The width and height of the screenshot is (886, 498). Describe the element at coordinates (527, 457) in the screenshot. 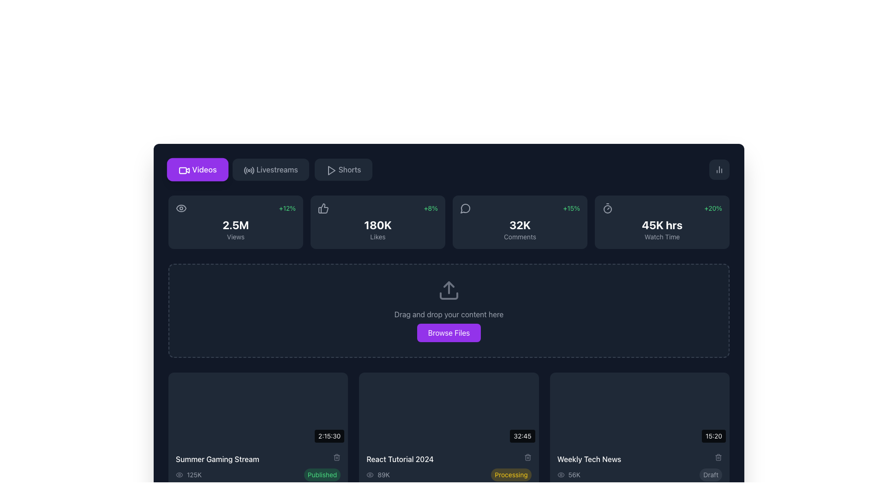

I see `the delete action button located at the top-right corner of the card displaying 'React Tutorial 2024'` at that location.